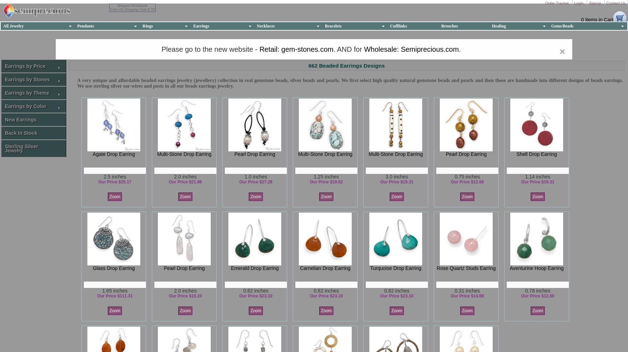 Image resolution: width=628 pixels, height=352 pixels. I want to click on 'YOU HAVE ACCESSED THE OLD WEBSITE.', so click(313, 44).